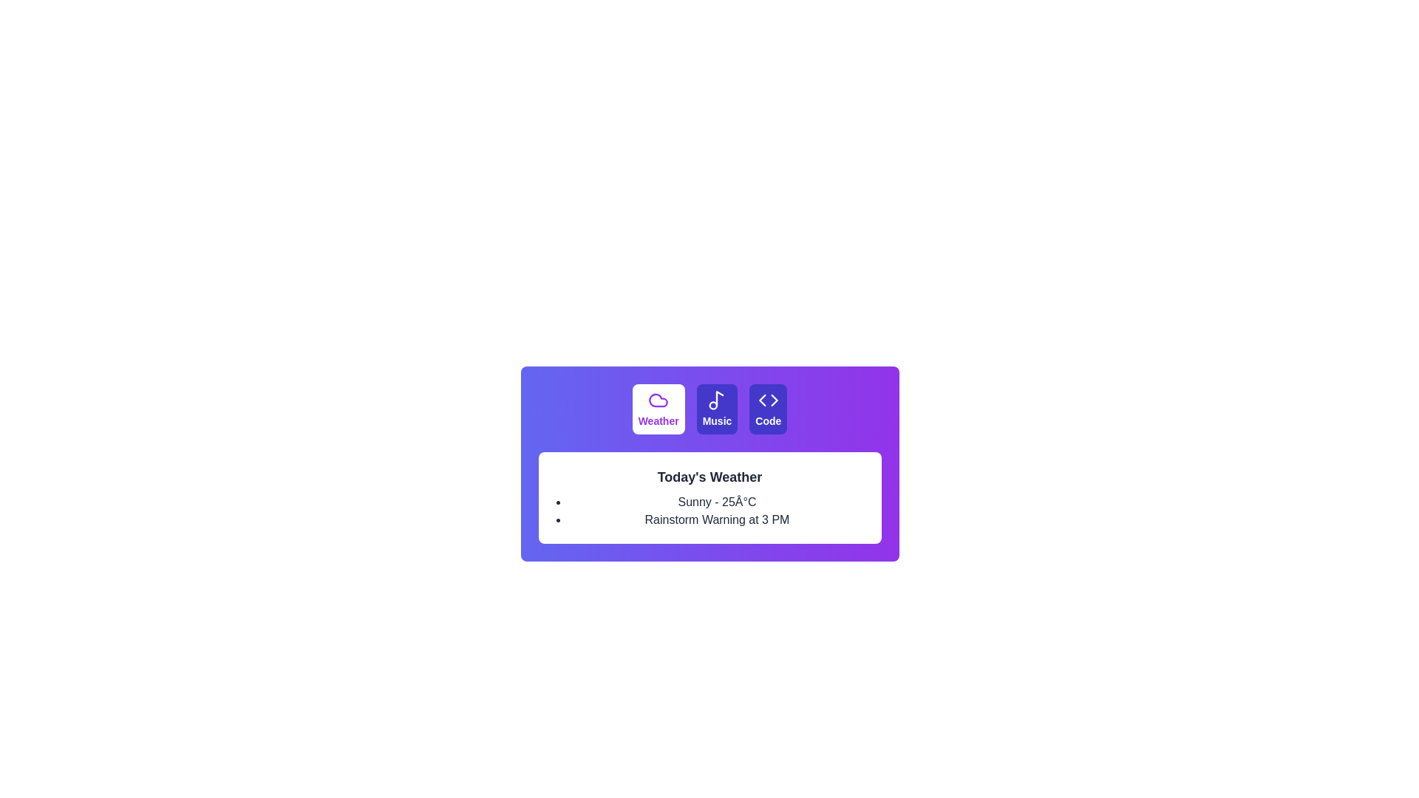  I want to click on the navigational button related to 'Code' to trigger the styling effect, so click(768, 409).